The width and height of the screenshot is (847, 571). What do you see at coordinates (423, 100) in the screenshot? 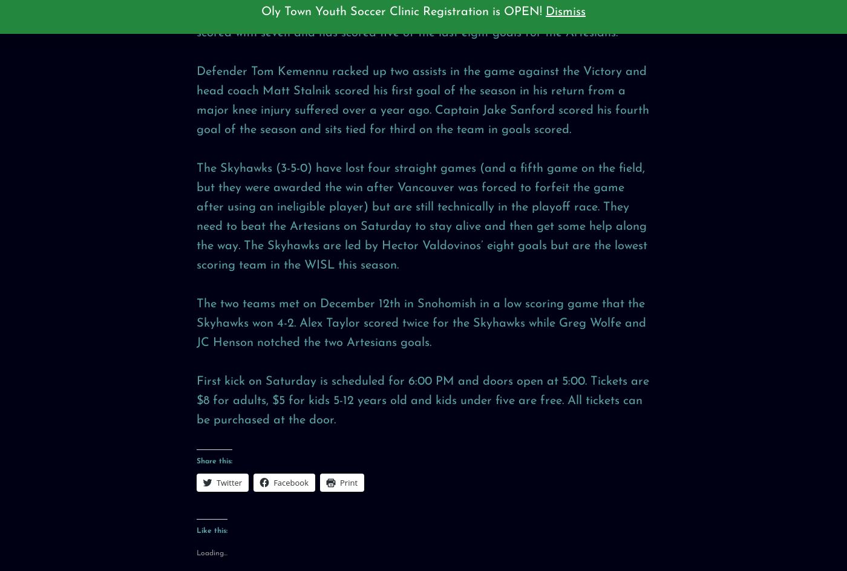
I see `'Defender Tom Kemennu racked up two assists in the game against the Victory and head coach Matt Stalnik scored his first goal of the season in his return from a major knee injury suffered over a year ago. Captain Jake Sanford scored his fourth goal of the season and sits tied for third on the team in goals scored.'` at bounding box center [423, 100].